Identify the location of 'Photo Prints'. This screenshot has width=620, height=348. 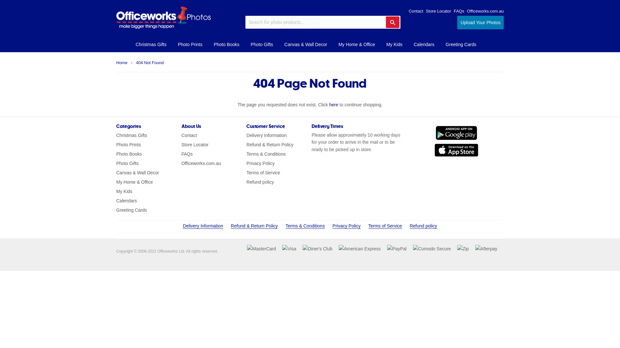
(190, 44).